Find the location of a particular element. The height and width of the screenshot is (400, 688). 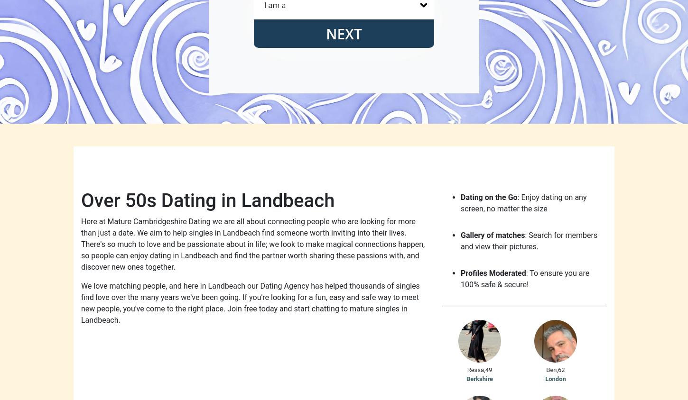

'Ressa' is located at coordinates (475, 369).